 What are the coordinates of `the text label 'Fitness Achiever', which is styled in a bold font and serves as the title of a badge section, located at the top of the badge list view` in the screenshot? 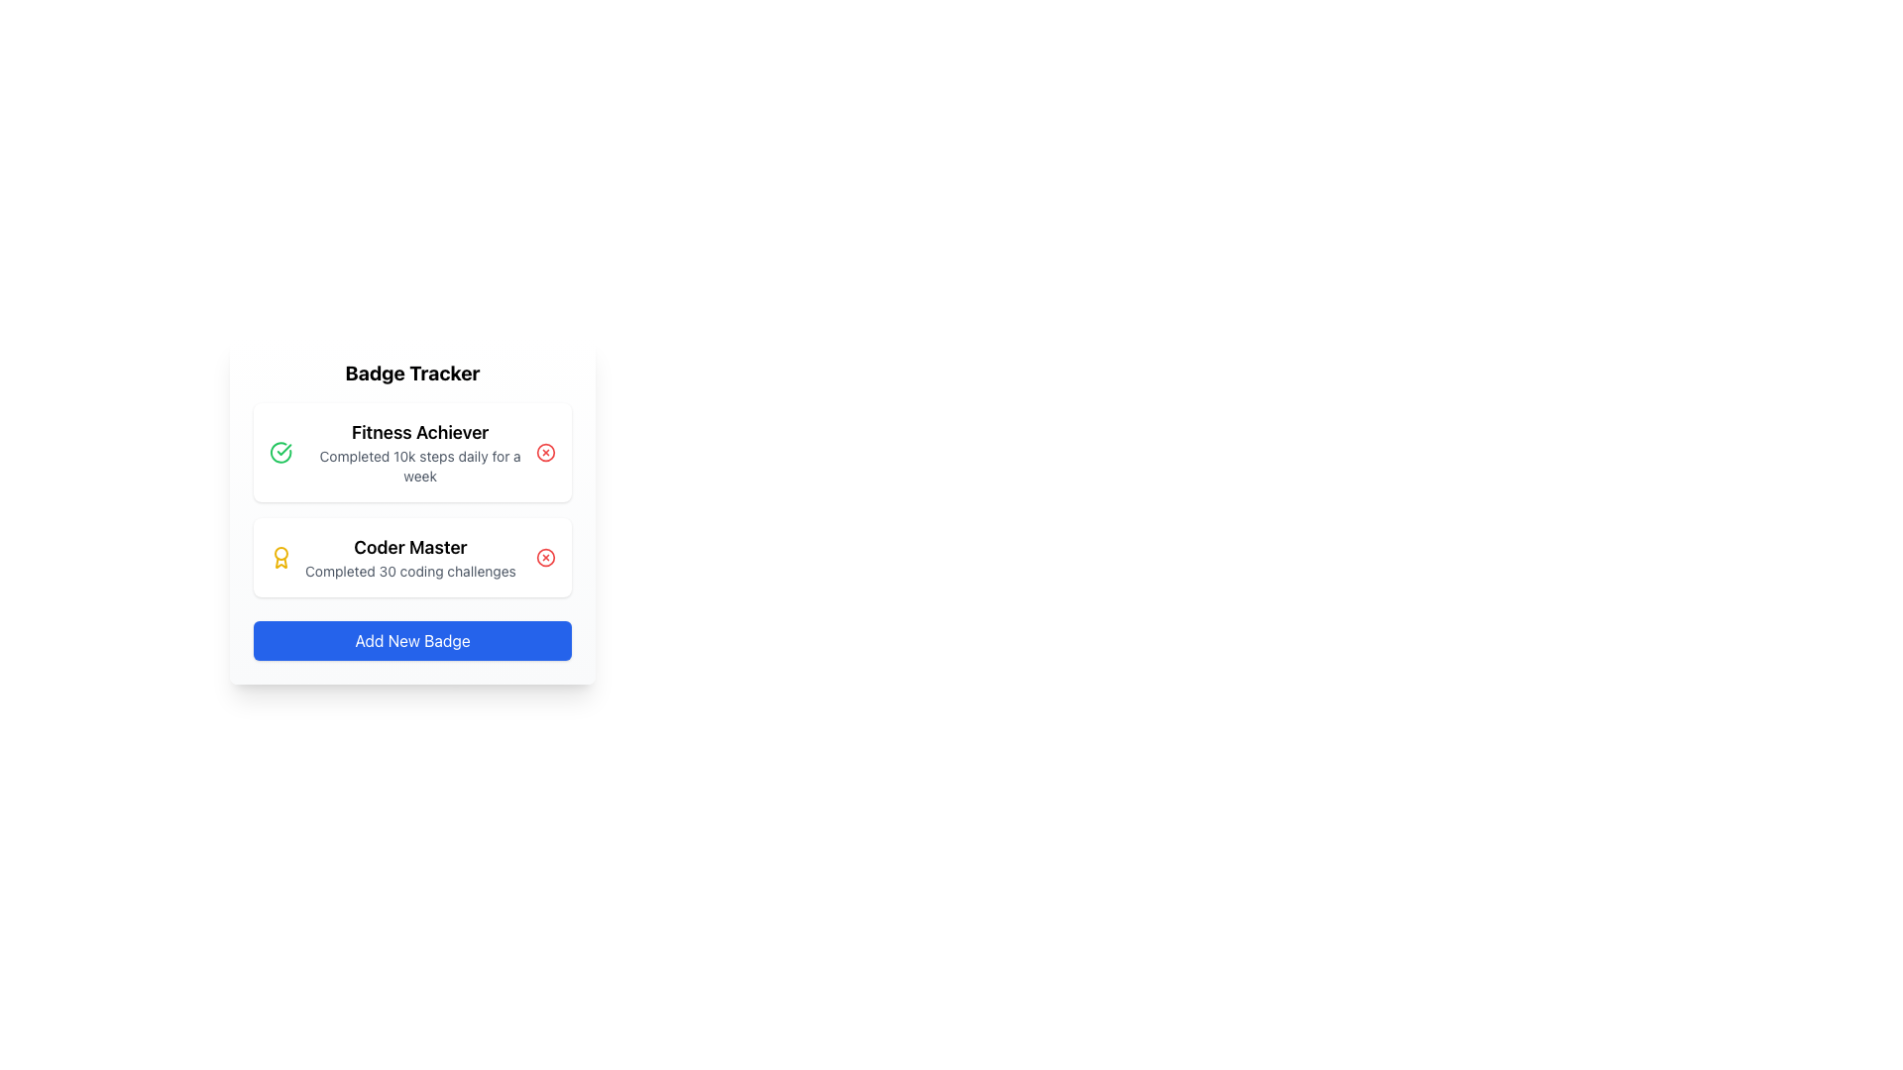 It's located at (419, 431).